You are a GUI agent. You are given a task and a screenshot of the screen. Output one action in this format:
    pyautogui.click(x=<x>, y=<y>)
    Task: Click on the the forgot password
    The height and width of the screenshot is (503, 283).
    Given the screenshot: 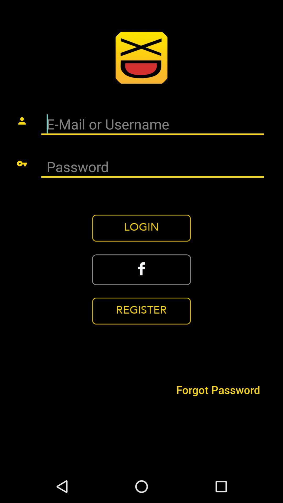 What is the action you would take?
    pyautogui.click(x=218, y=390)
    